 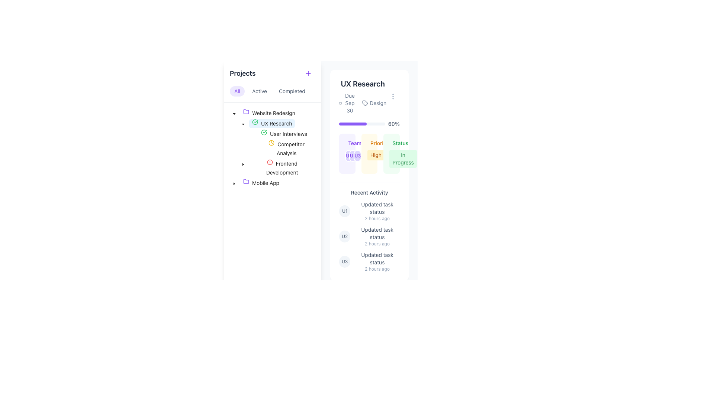 What do you see at coordinates (248, 183) in the screenshot?
I see `the purple-colored folder icon located to the left of the 'Mobile App' text in the Projects section of the hierarchical tree structure` at bounding box center [248, 183].